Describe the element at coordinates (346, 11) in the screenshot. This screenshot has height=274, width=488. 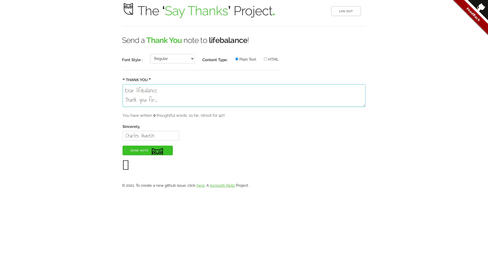
I see `LOG OUT` at that location.